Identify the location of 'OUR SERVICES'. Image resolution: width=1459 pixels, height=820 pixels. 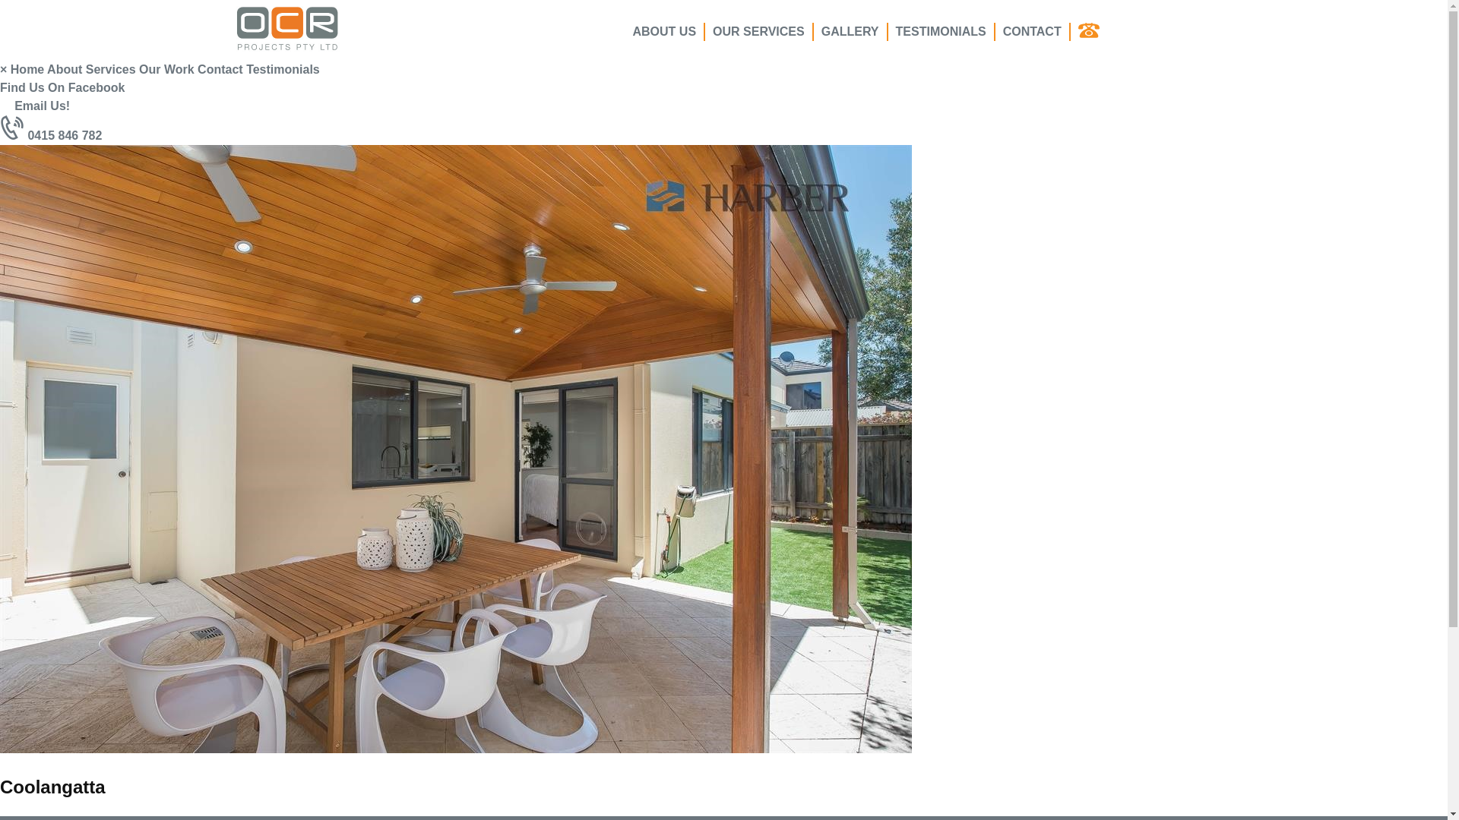
(759, 32).